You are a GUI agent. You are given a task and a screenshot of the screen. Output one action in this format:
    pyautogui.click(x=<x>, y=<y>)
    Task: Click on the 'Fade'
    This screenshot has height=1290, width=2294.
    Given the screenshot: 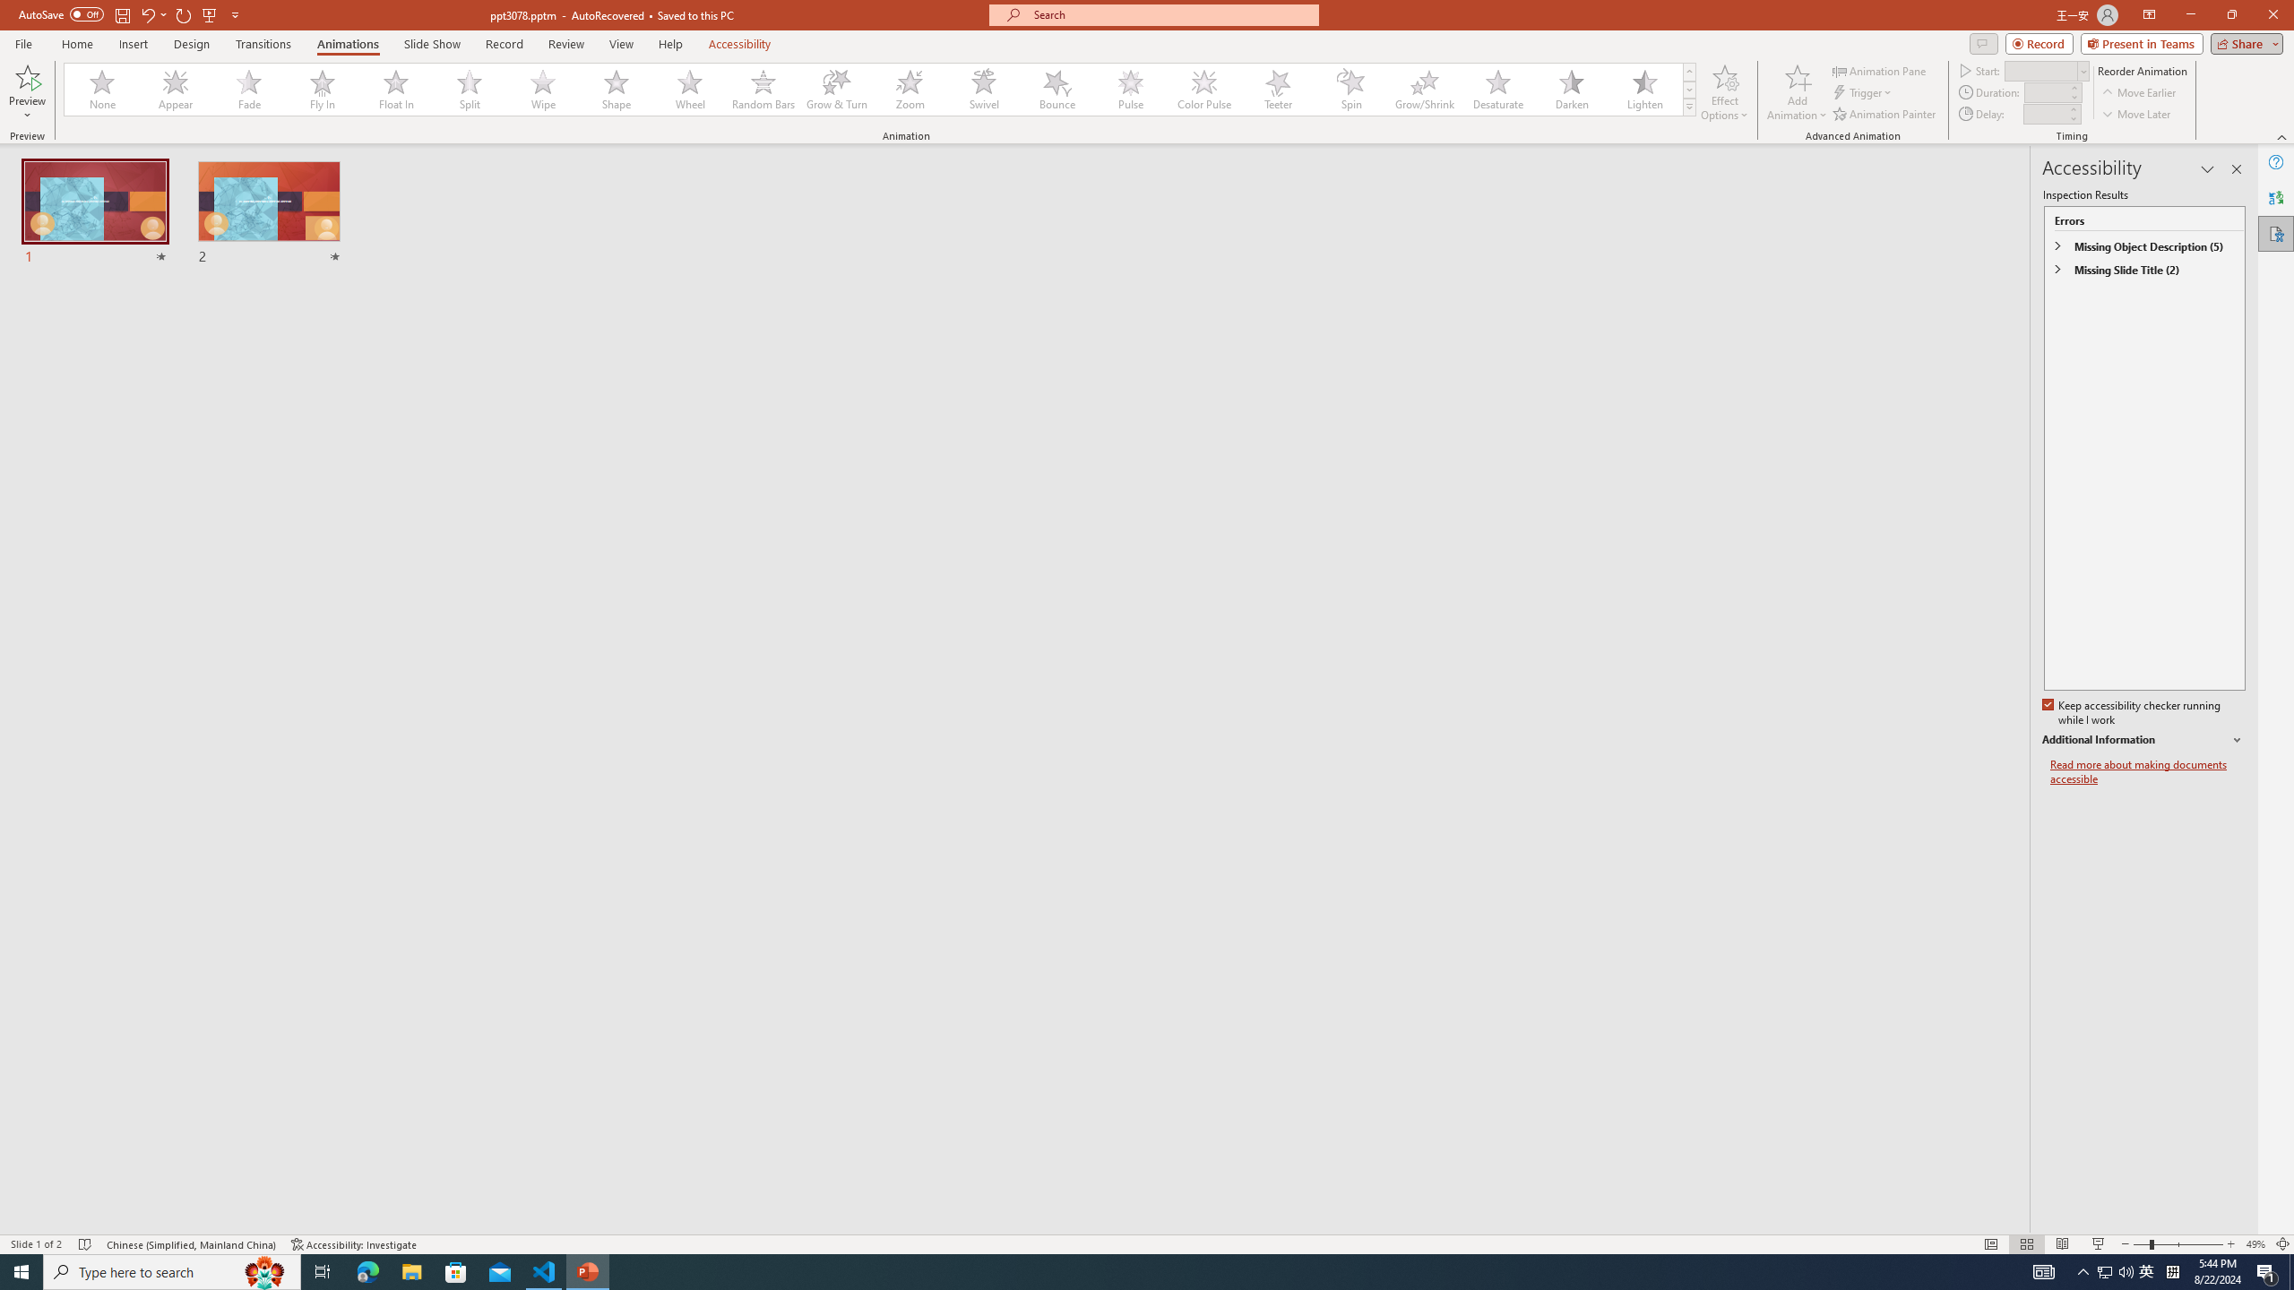 What is the action you would take?
    pyautogui.click(x=249, y=89)
    